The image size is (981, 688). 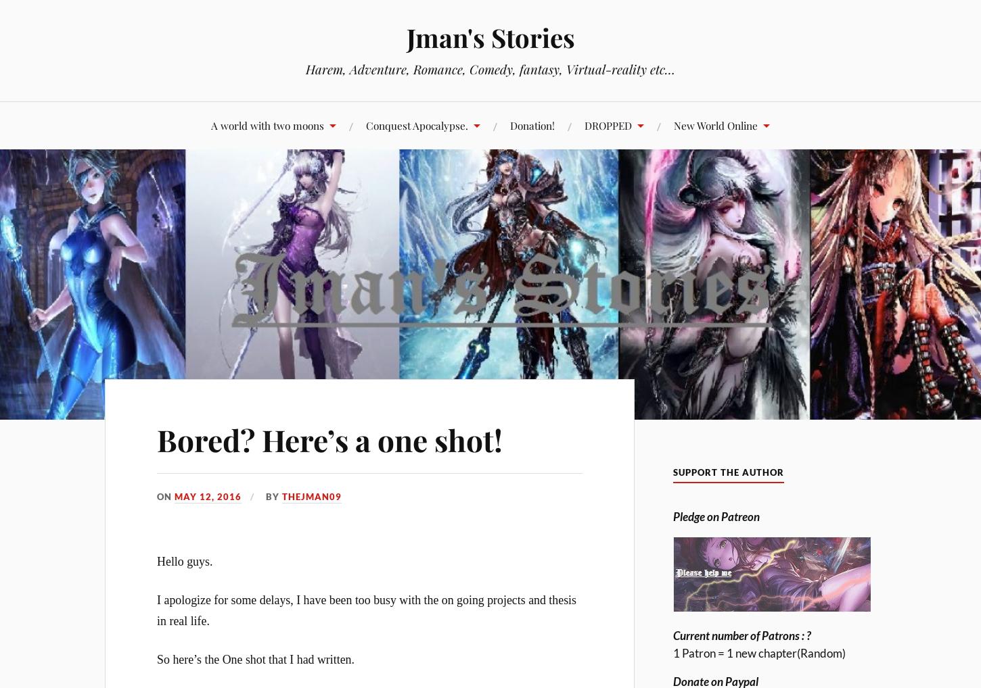 What do you see at coordinates (156, 560) in the screenshot?
I see `'Hello guys.'` at bounding box center [156, 560].